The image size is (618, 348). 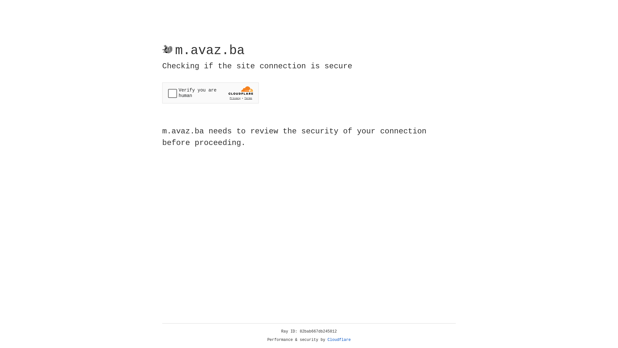 I want to click on 'Cloudflare', so click(x=339, y=340).